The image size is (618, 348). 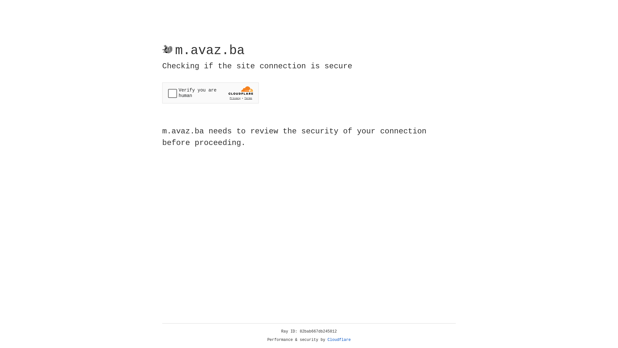 I want to click on 'Cloudflare', so click(x=339, y=340).